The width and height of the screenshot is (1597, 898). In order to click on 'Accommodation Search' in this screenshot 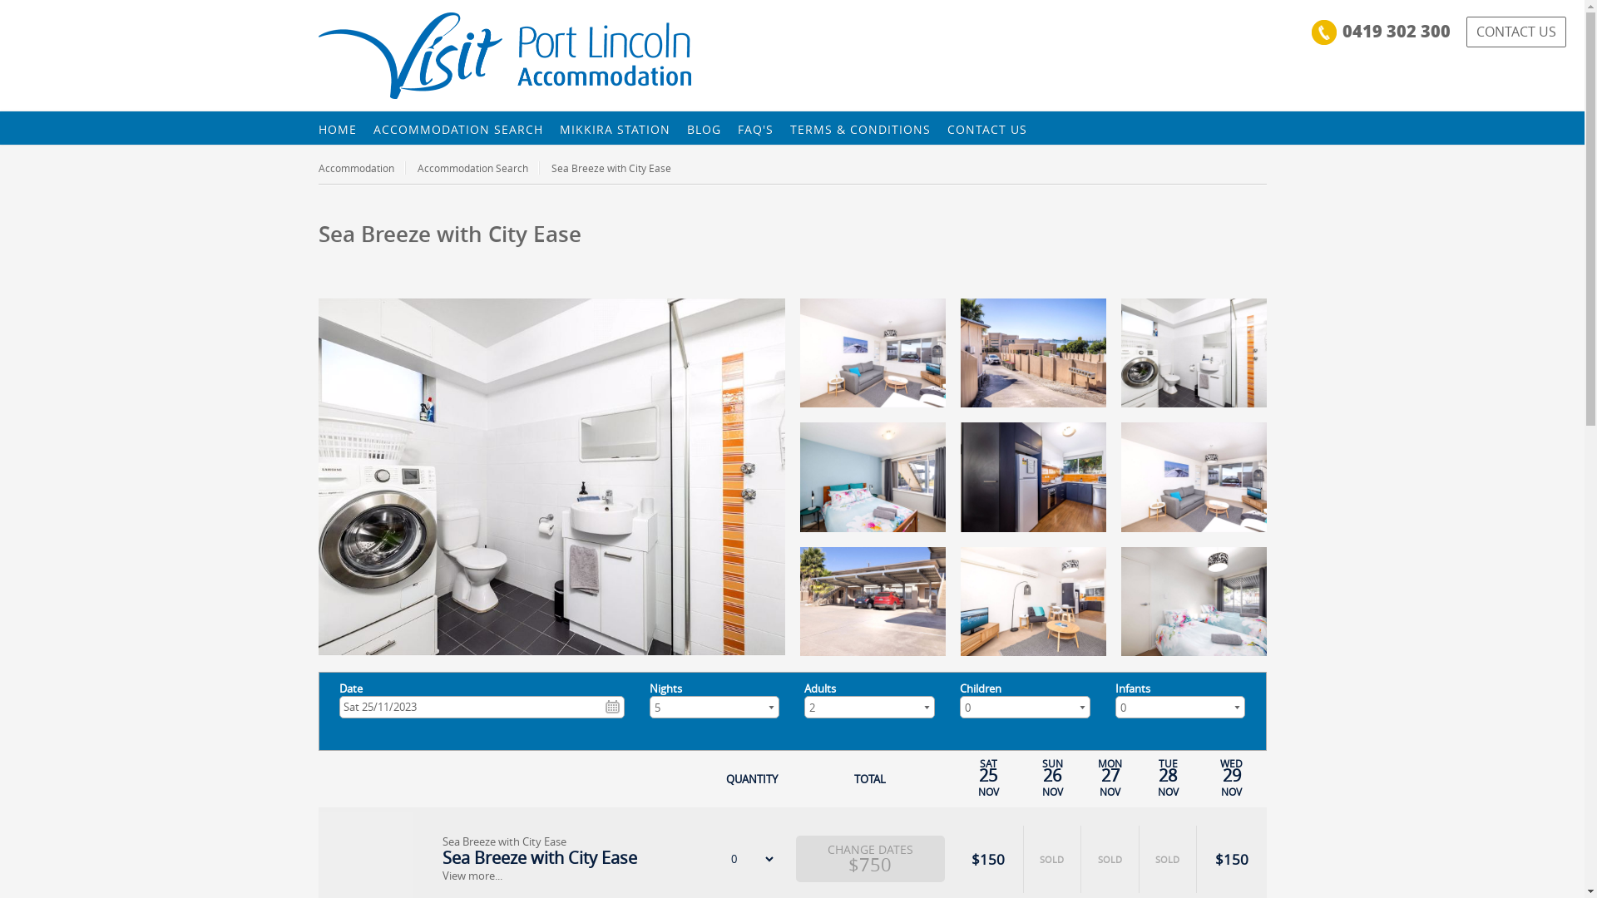, I will do `click(477, 167)`.